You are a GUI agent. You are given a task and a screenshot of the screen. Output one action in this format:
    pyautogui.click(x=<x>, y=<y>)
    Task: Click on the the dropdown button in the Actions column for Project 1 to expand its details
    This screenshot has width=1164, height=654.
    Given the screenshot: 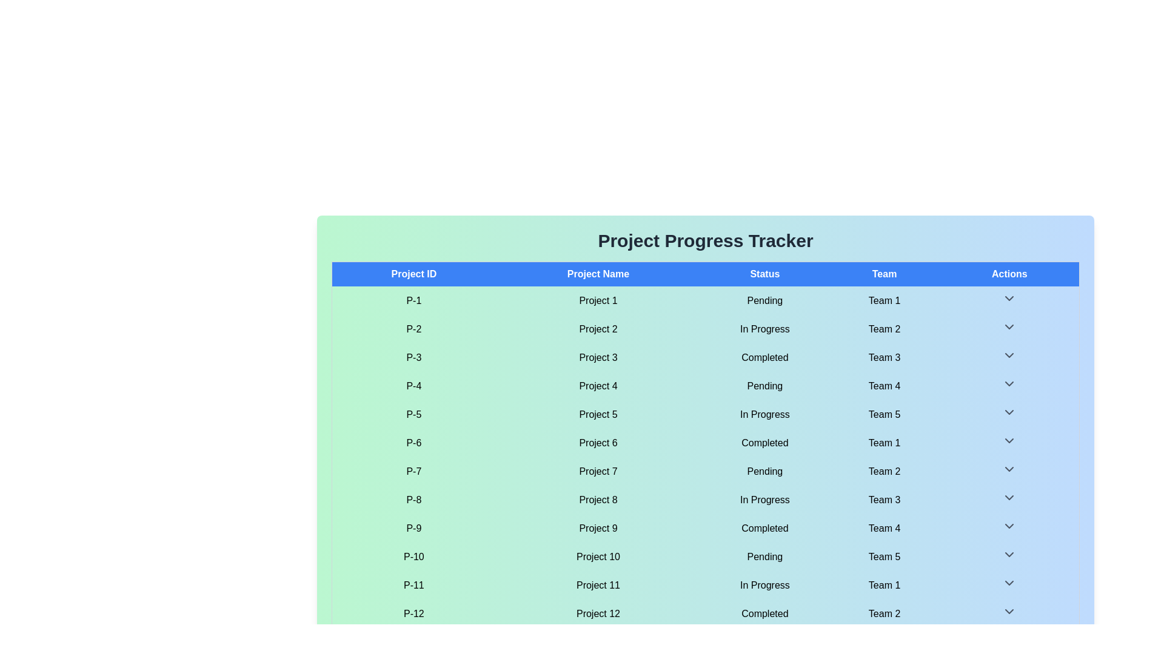 What is the action you would take?
    pyautogui.click(x=1009, y=299)
    